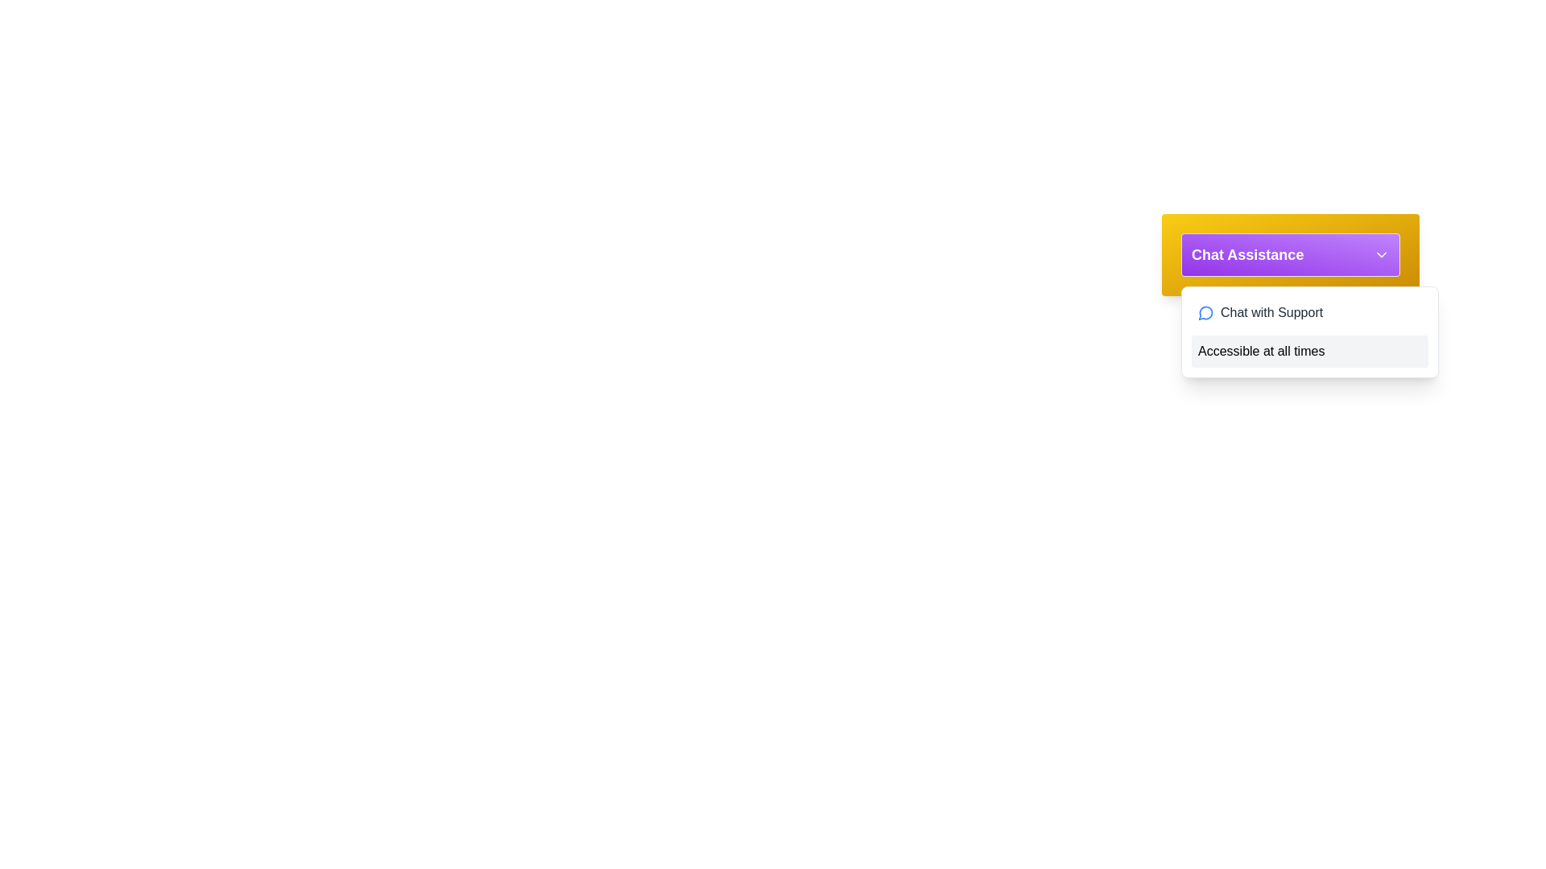 The image size is (1546, 869). I want to click on the 'Chat Assistance' dropdown button, which is a rounded rectangular component with a gradient background and contains white bold text along with a downward-pointing chevron icon, so click(1291, 253).